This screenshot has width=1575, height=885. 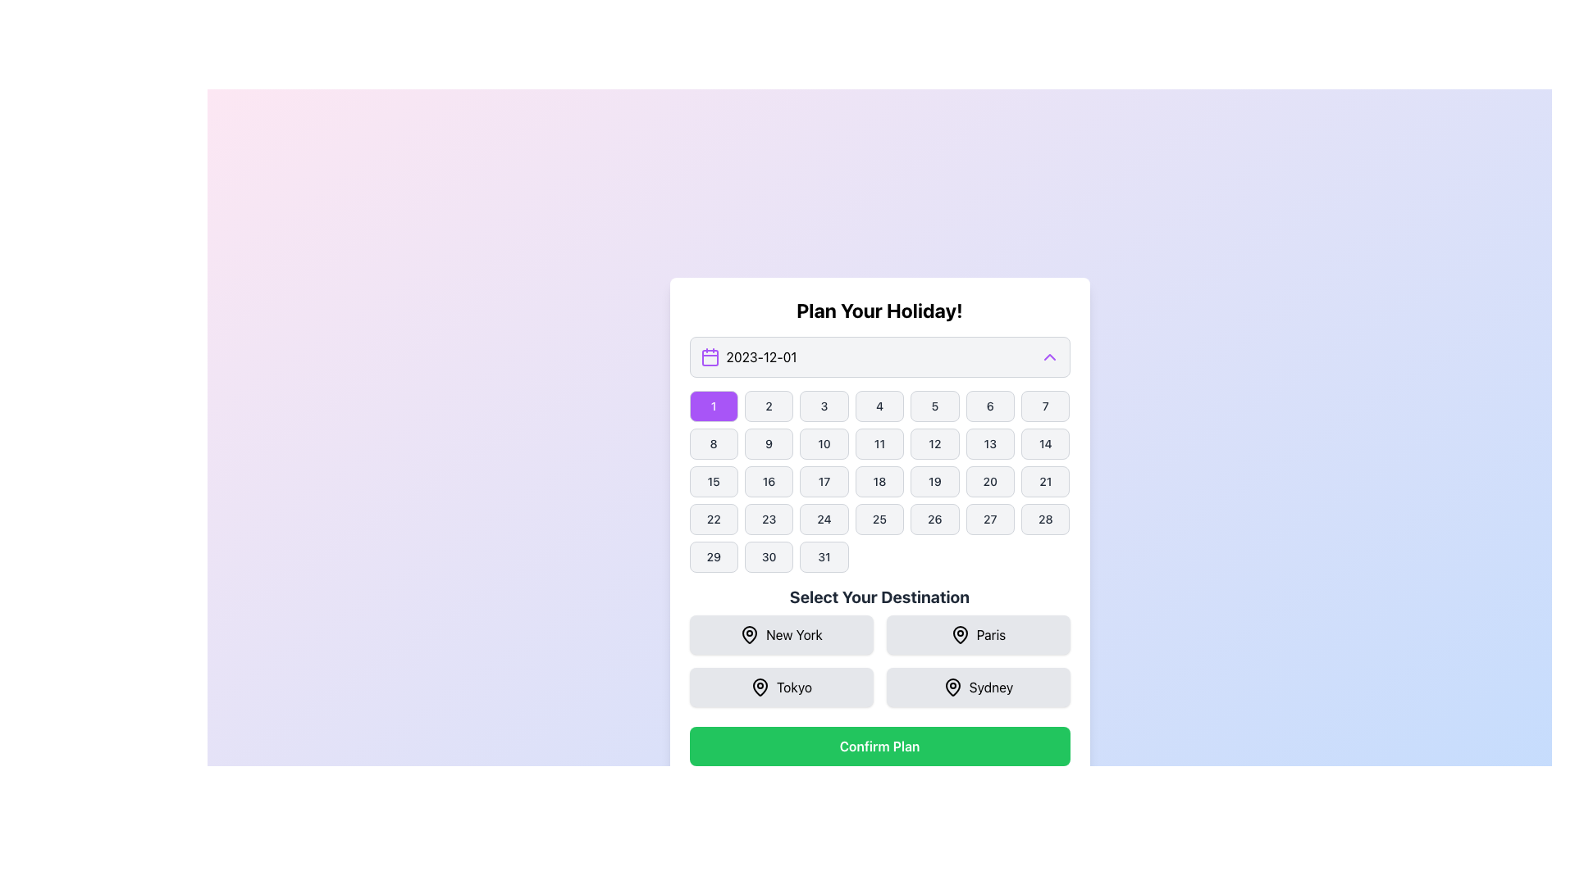 I want to click on the mouse pointer over the calendar button displaying '16', so click(x=768, y=480).